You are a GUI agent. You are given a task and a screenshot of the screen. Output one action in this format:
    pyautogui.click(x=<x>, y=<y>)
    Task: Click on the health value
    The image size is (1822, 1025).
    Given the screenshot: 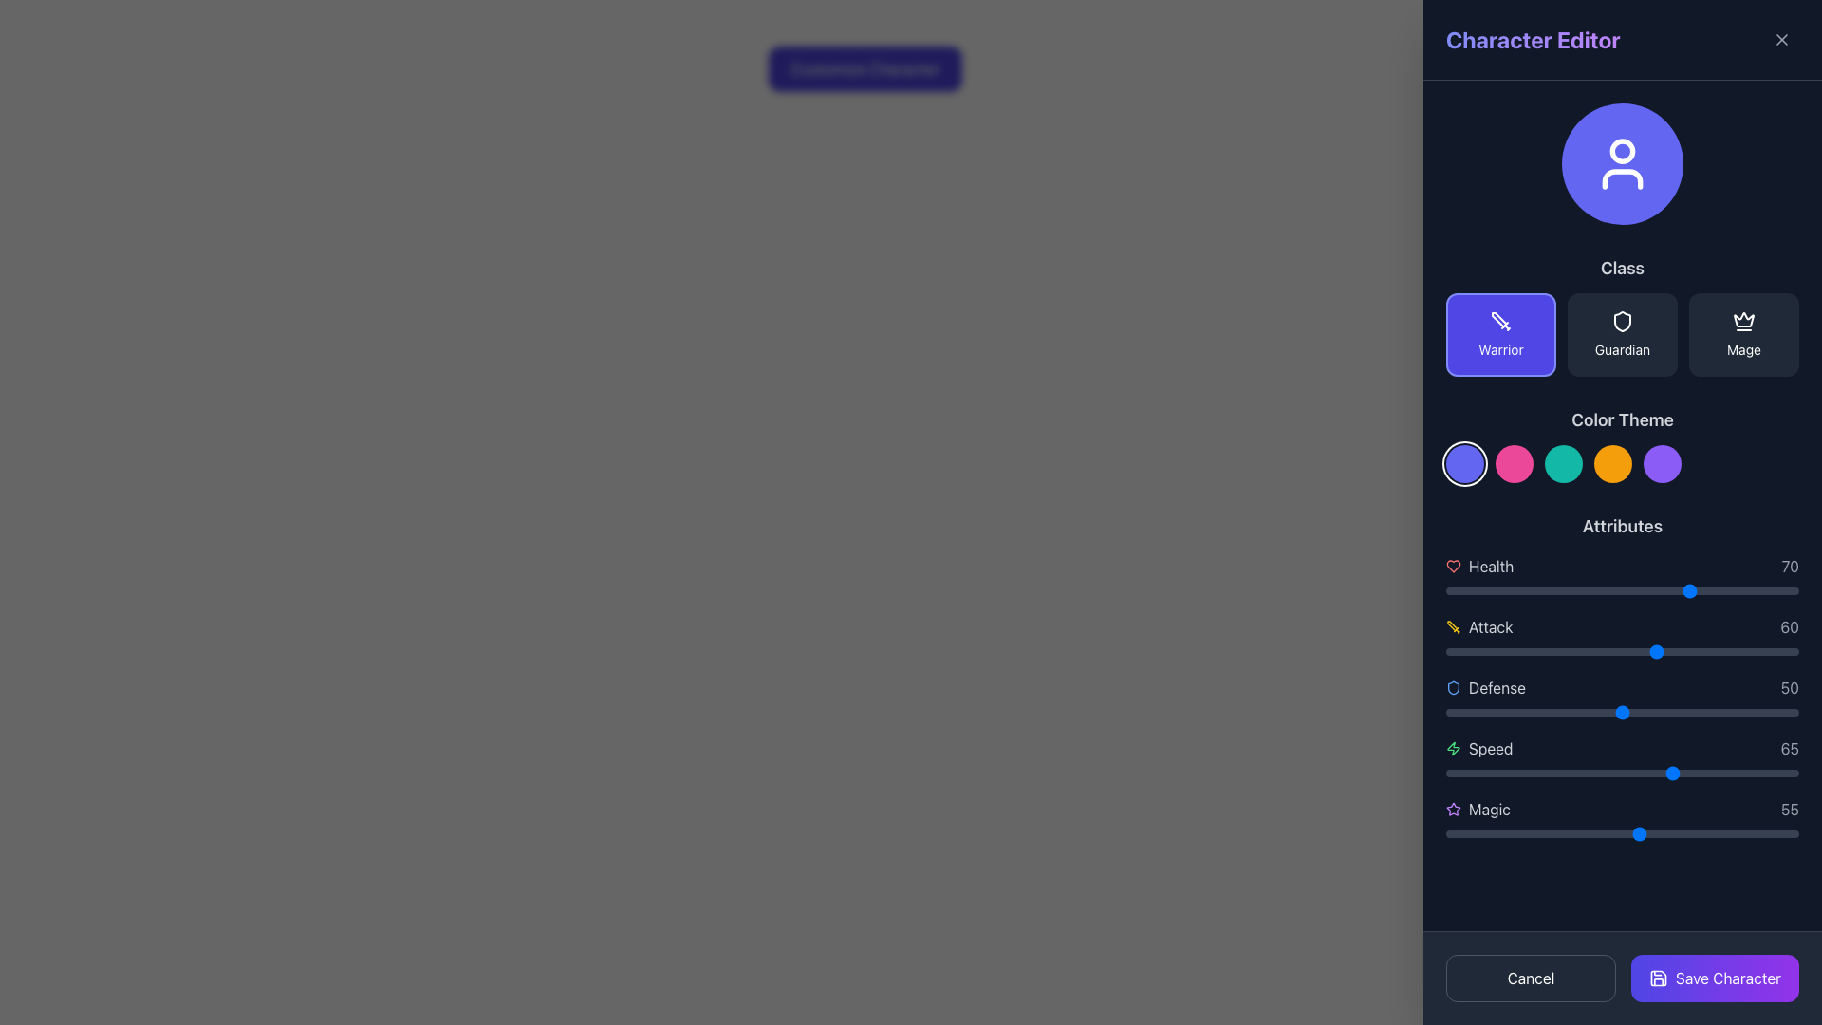 What is the action you would take?
    pyautogui.click(x=1491, y=590)
    